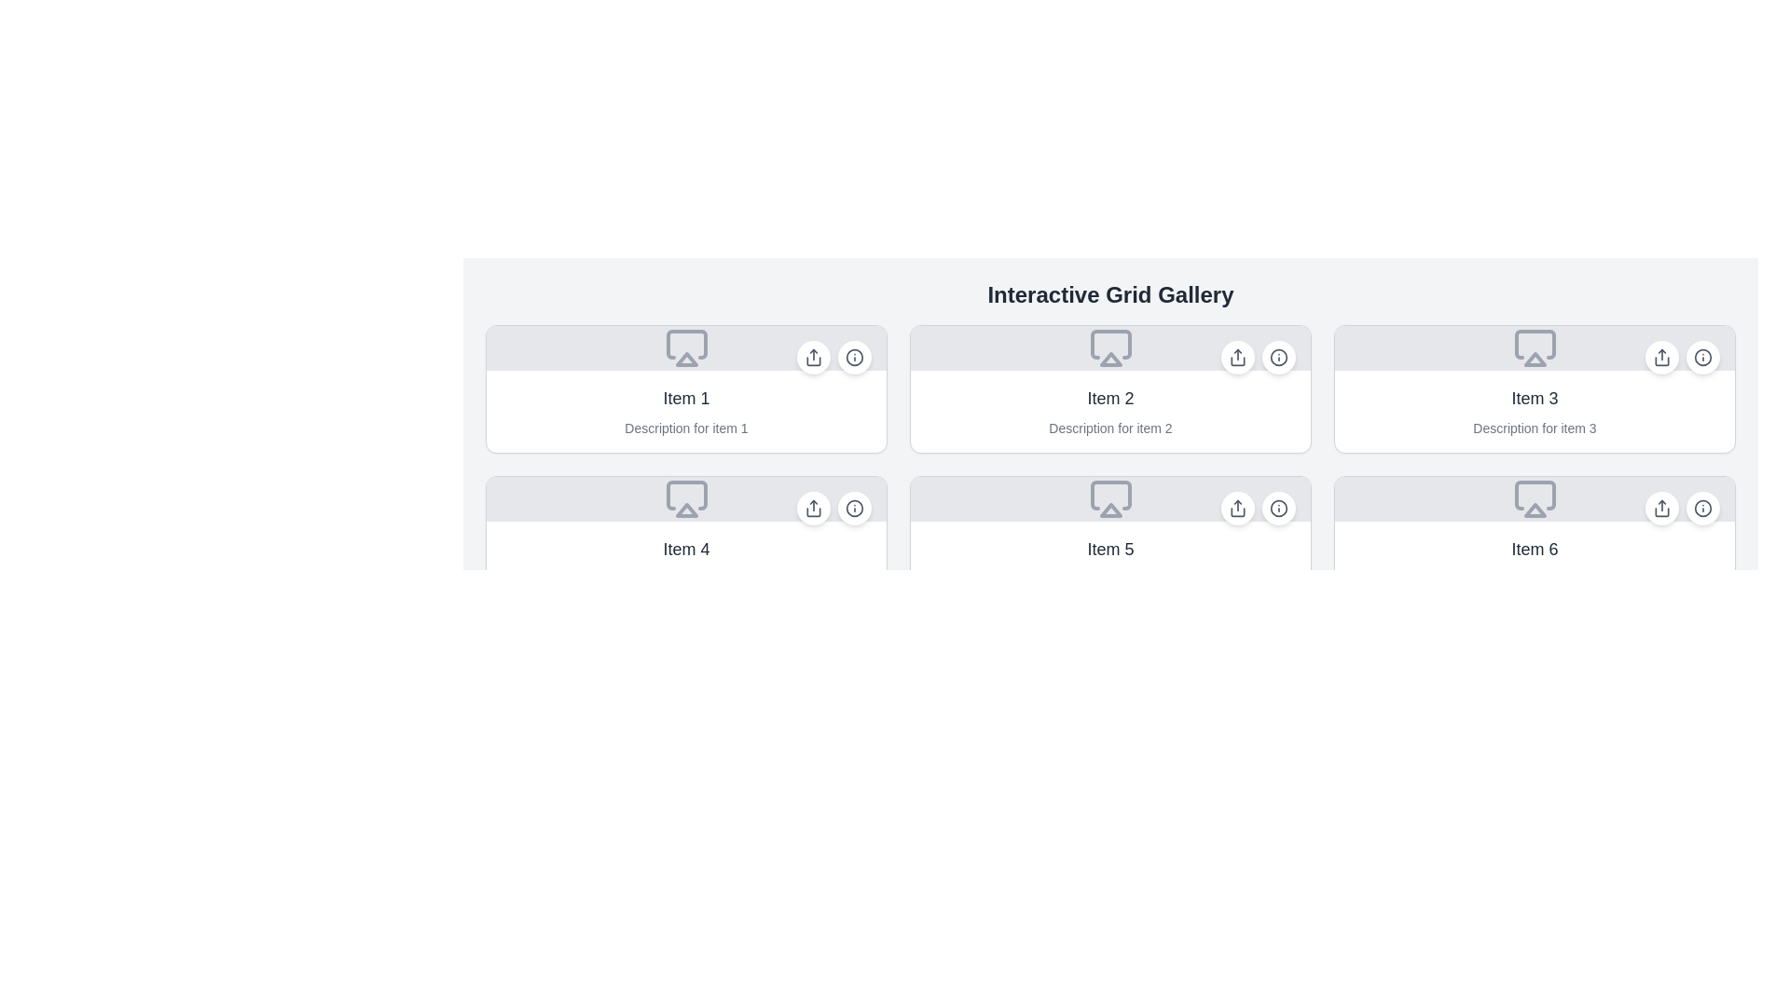 The image size is (1790, 1006). I want to click on the text area displaying the title 'Item 6' in bold and the description 'Description for item 6' in smaller gray font, located in the sixth position of the grid layout, so click(1535, 562).